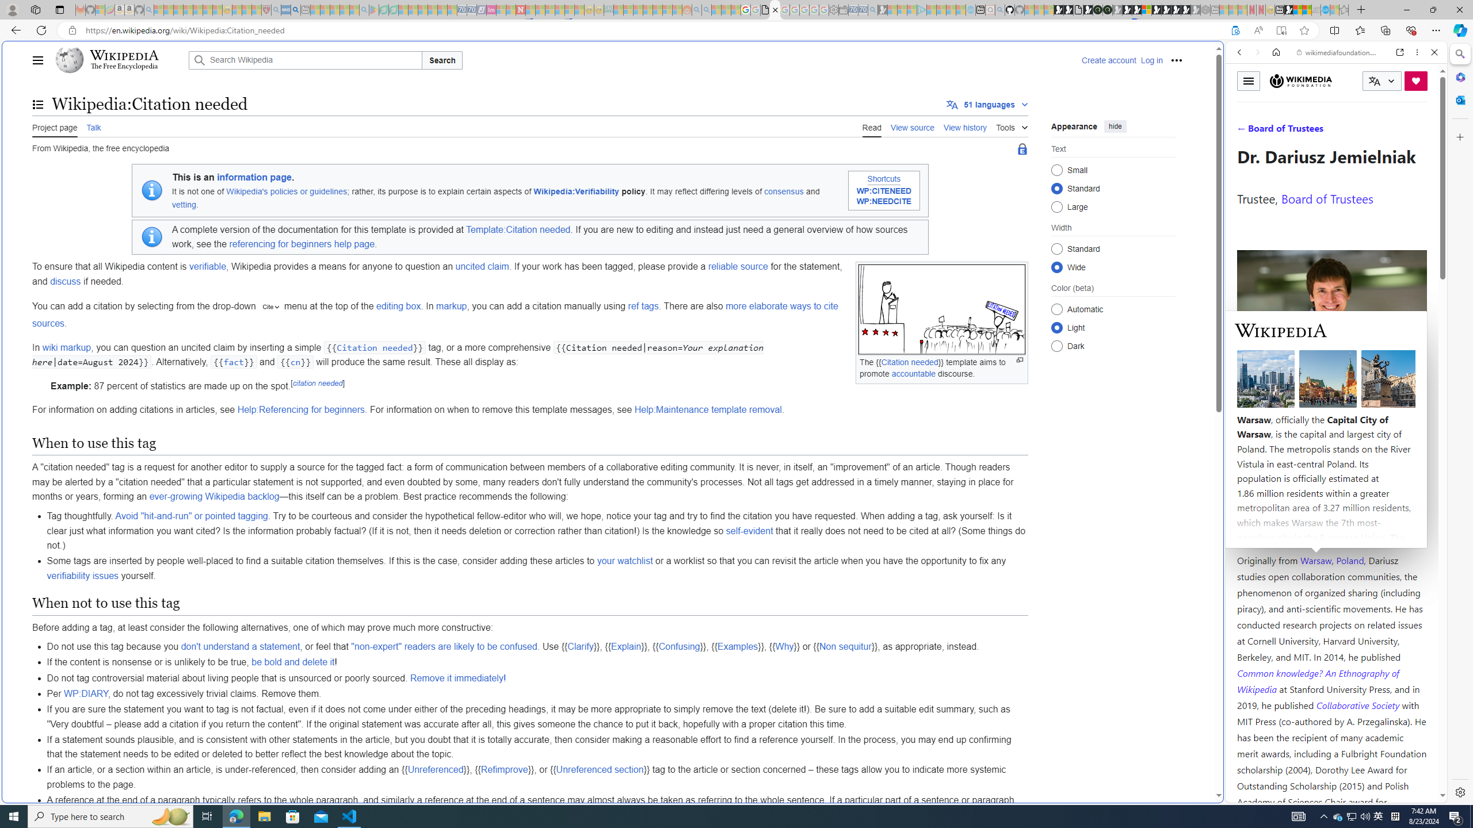 The width and height of the screenshot is (1473, 828). What do you see at coordinates (240, 647) in the screenshot?
I see `'don'` at bounding box center [240, 647].